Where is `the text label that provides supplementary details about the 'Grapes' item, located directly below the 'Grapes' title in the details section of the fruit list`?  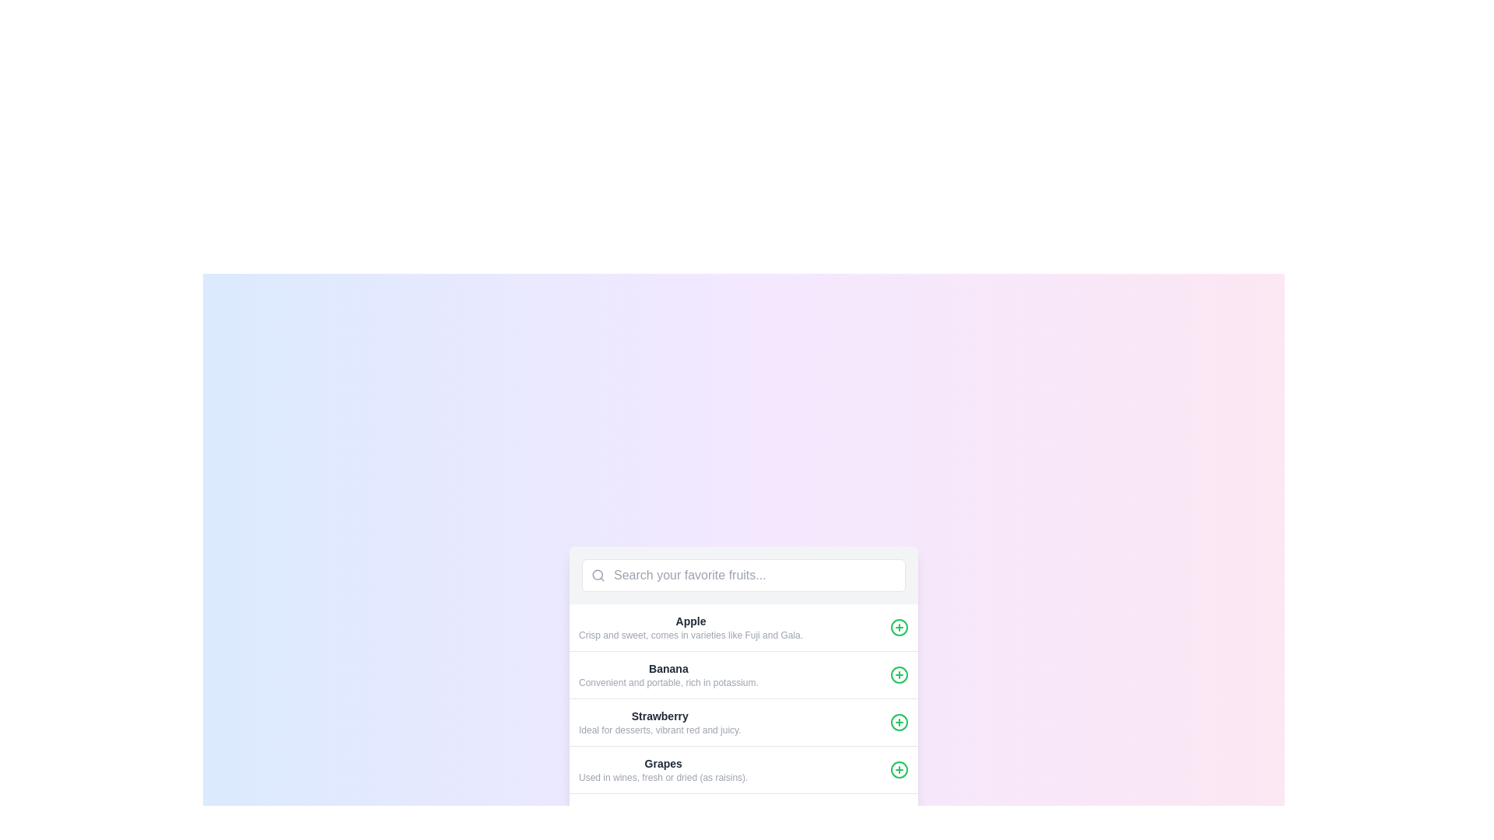 the text label that provides supplementary details about the 'Grapes' item, located directly below the 'Grapes' title in the details section of the fruit list is located at coordinates (663, 777).